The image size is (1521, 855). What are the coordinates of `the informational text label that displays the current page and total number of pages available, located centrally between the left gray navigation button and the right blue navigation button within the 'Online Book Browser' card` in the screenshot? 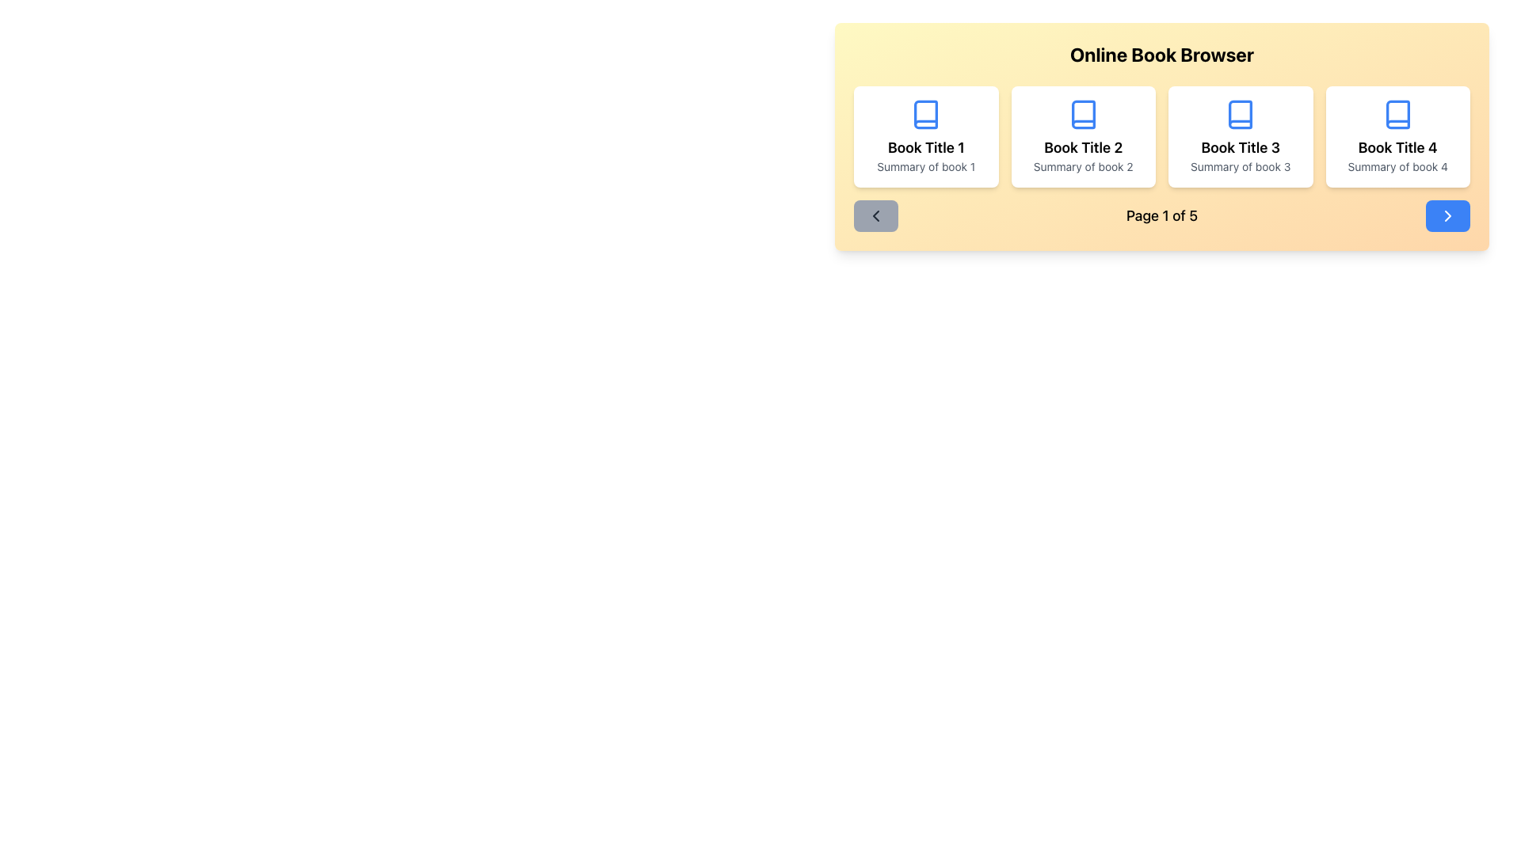 It's located at (1162, 216).